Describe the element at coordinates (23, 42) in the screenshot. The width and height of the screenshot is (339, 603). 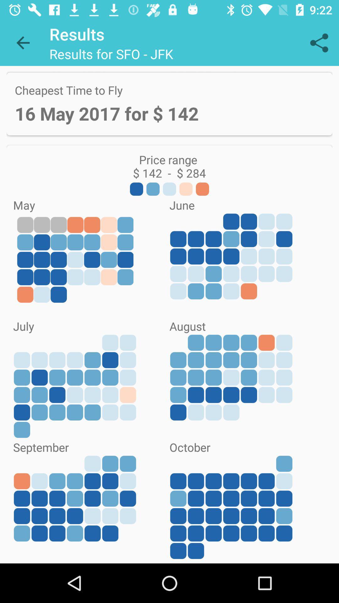
I see `the app above the cheapest time to` at that location.